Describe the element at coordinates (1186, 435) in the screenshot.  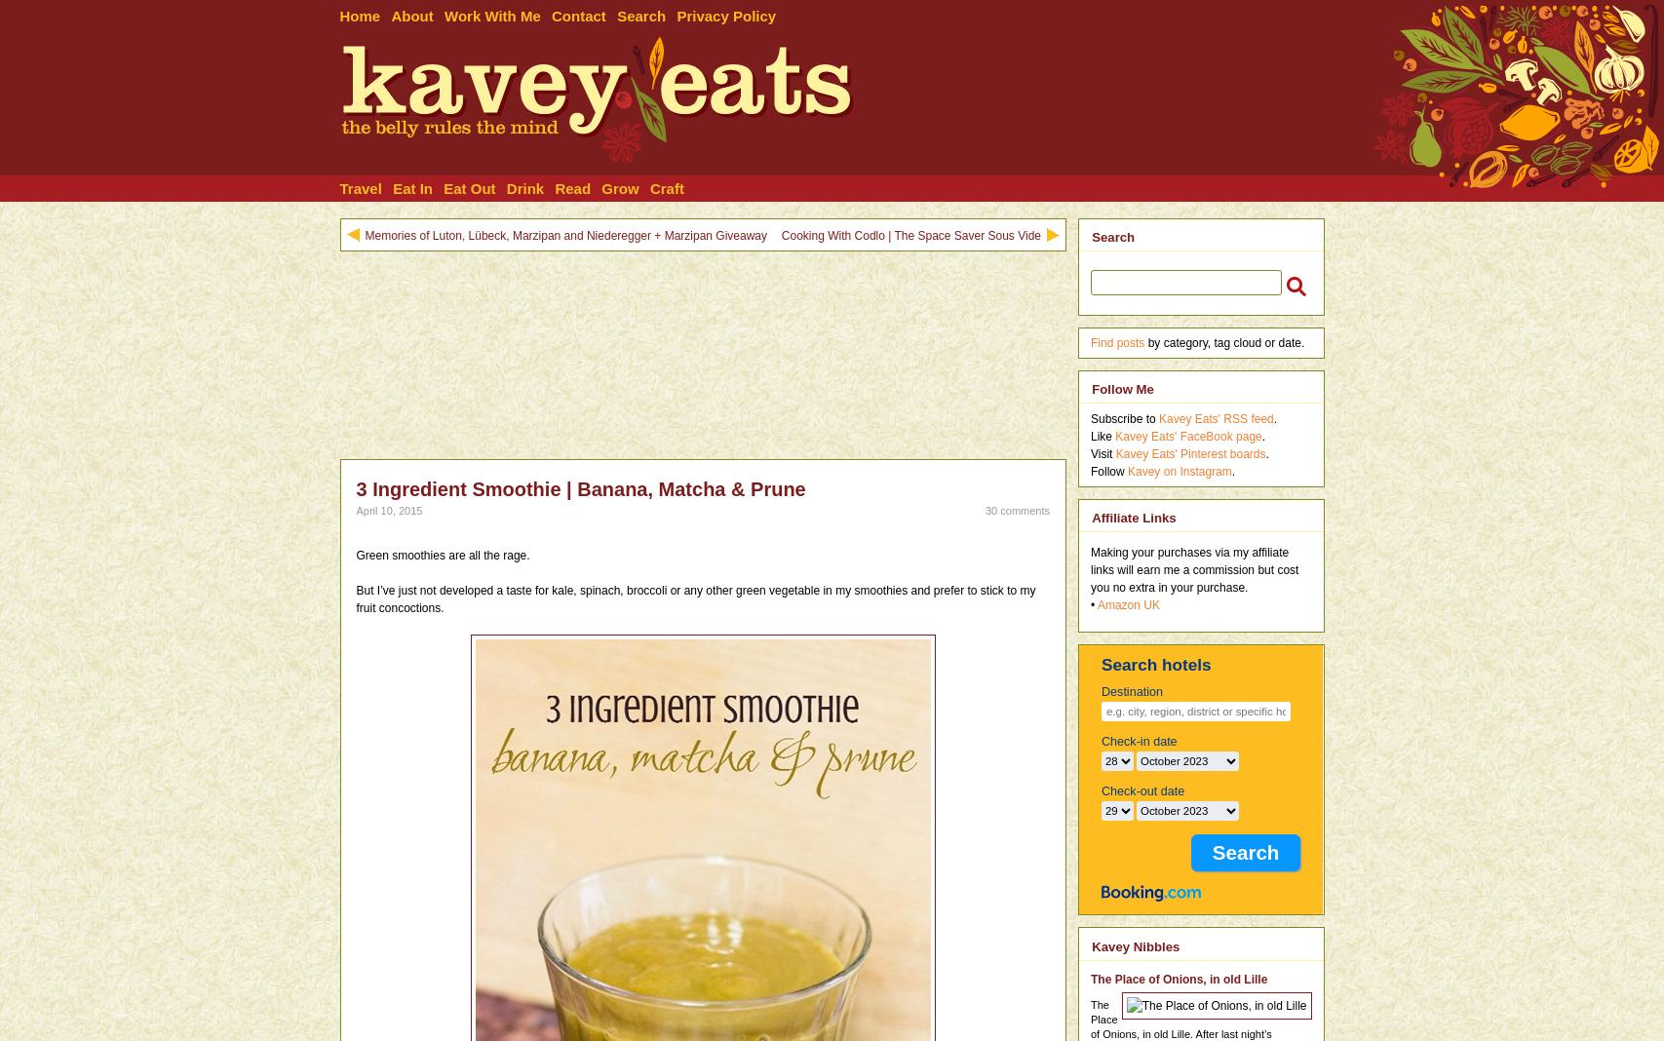
I see `'Kavey Eats' FaceBook page'` at that location.